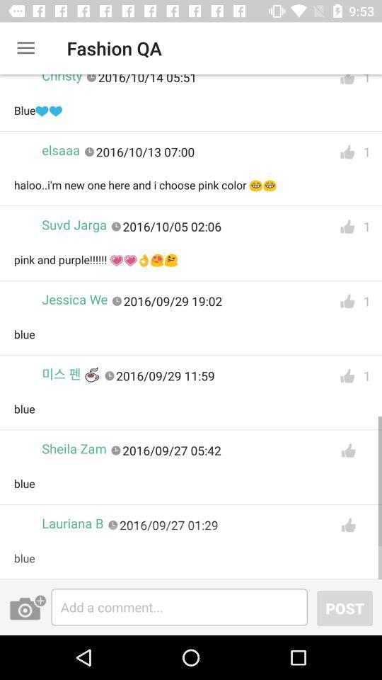 This screenshot has width=382, height=680. I want to click on like the post, so click(347, 375).